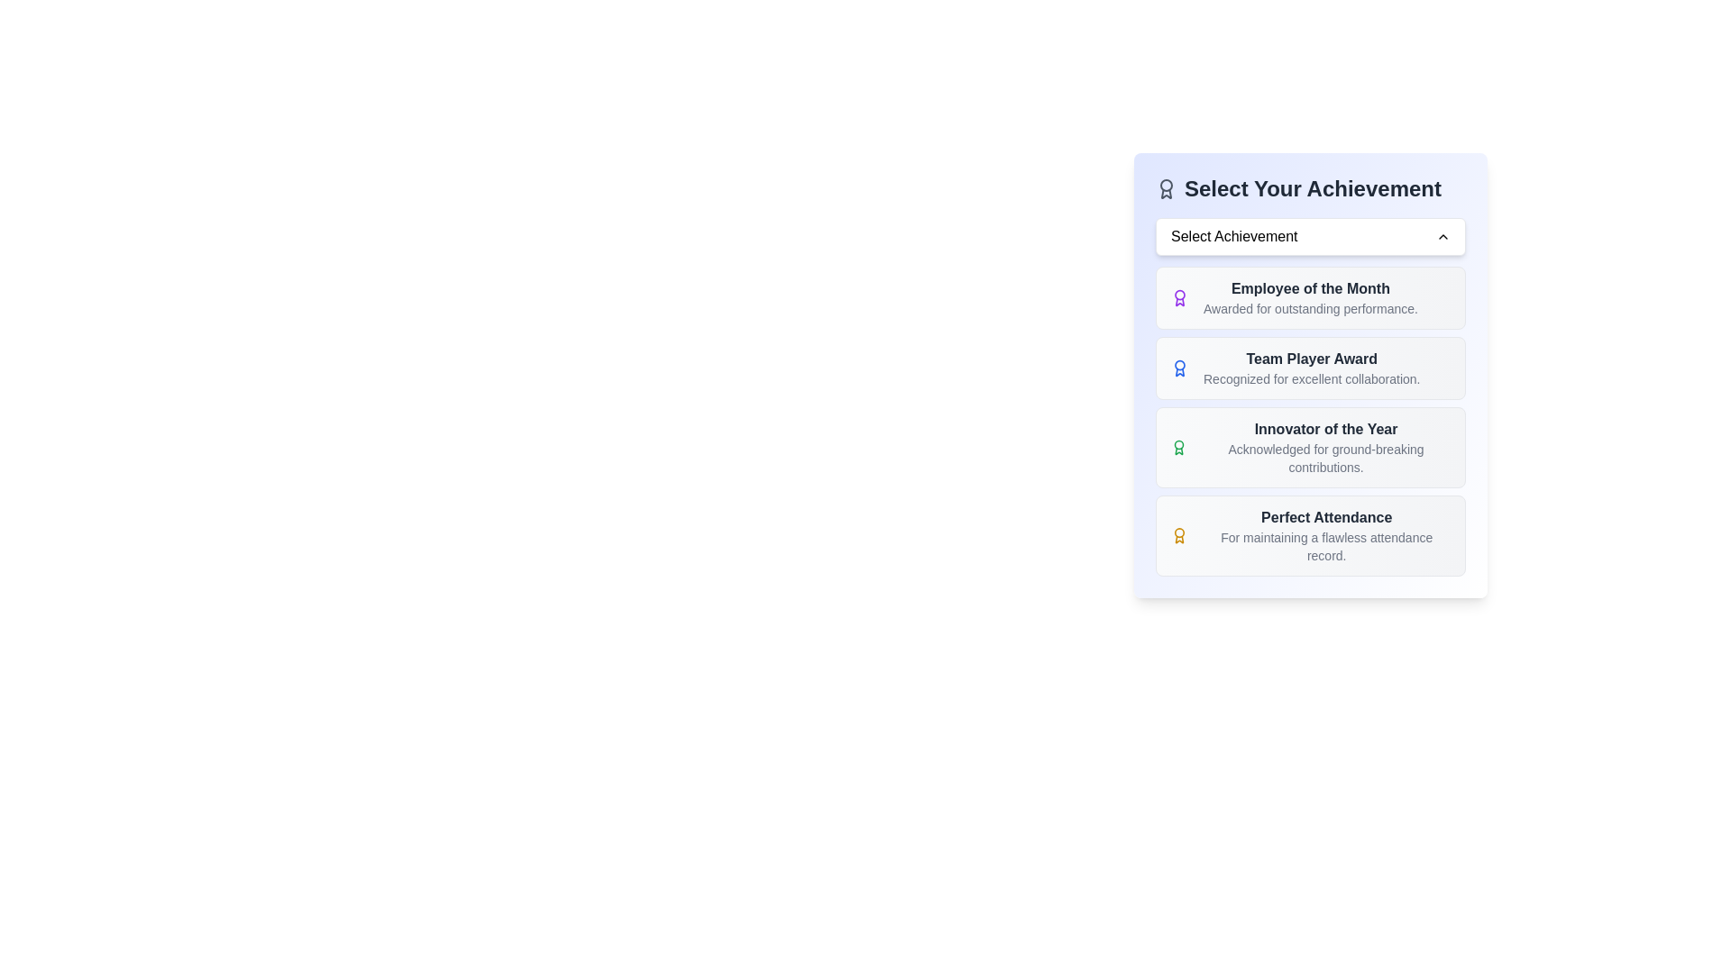 This screenshot has height=973, width=1731. I want to click on the text label indicating the purpose of selecting an achievement, so click(1233, 235).